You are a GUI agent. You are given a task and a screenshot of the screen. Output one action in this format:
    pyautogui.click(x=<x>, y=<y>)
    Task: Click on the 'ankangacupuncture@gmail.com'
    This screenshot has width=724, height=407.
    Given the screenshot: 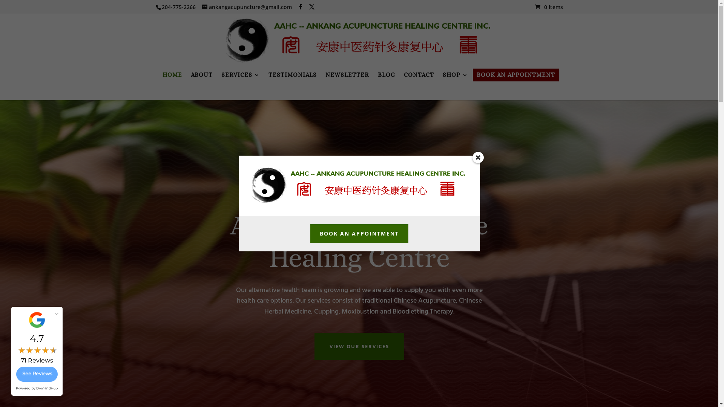 What is the action you would take?
    pyautogui.click(x=247, y=6)
    